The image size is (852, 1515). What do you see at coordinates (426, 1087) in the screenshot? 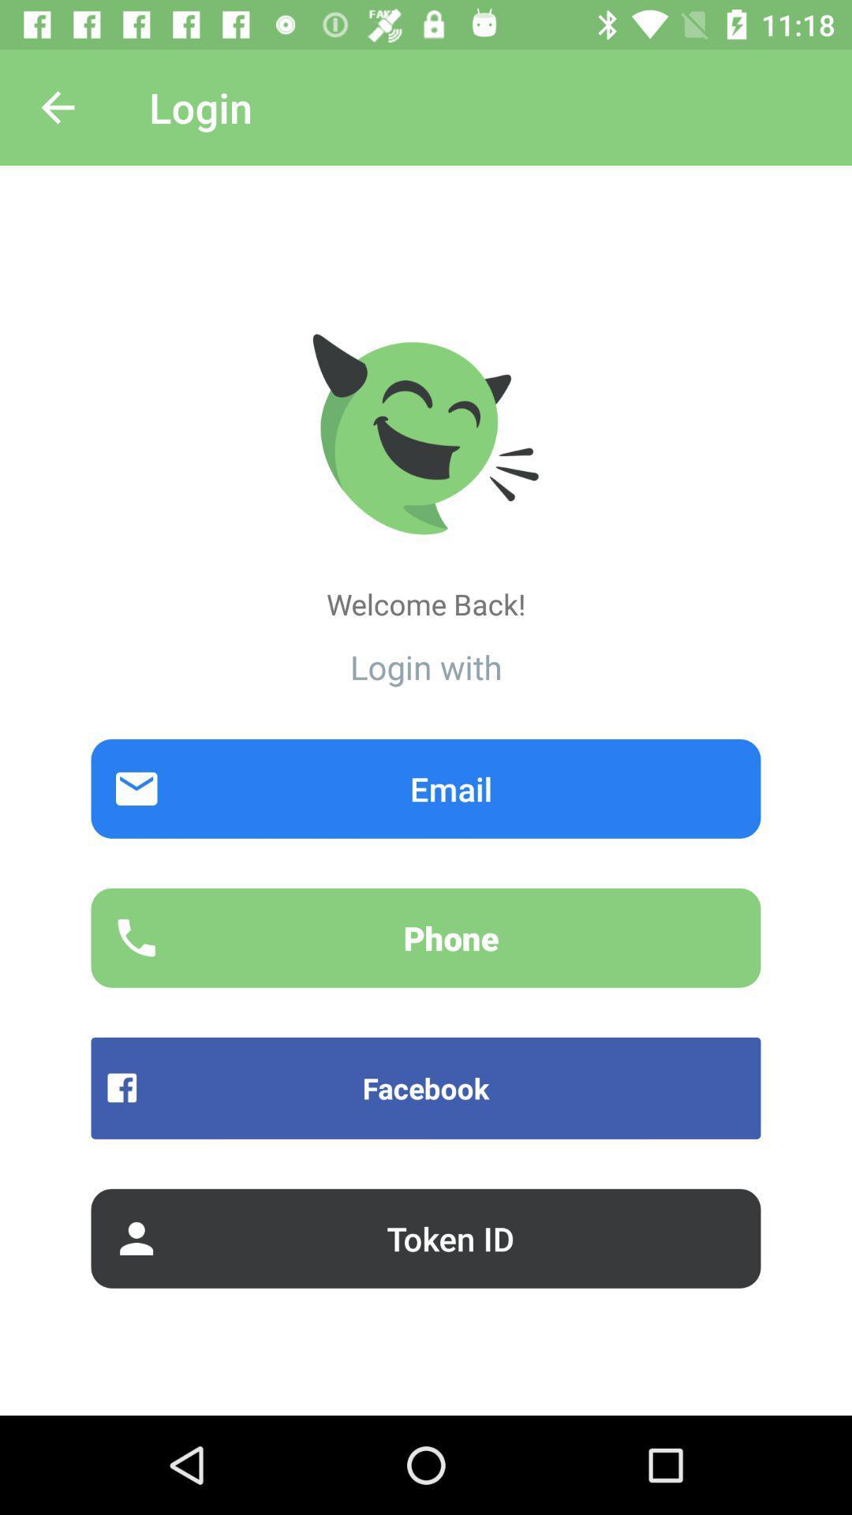
I see `the facebook icon` at bounding box center [426, 1087].